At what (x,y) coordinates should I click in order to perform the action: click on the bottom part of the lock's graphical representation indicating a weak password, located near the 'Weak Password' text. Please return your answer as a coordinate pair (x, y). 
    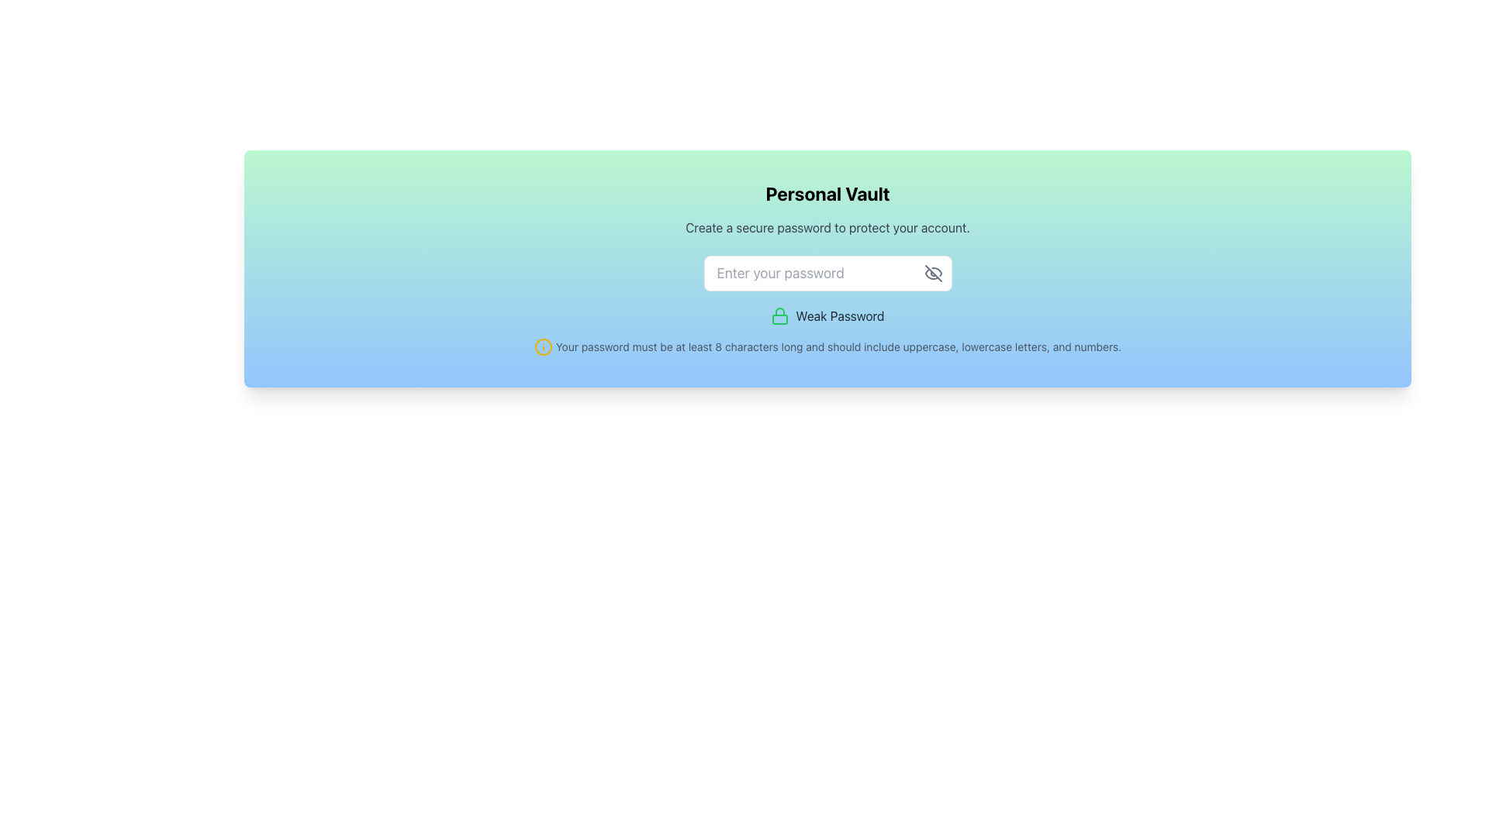
    Looking at the image, I should click on (780, 319).